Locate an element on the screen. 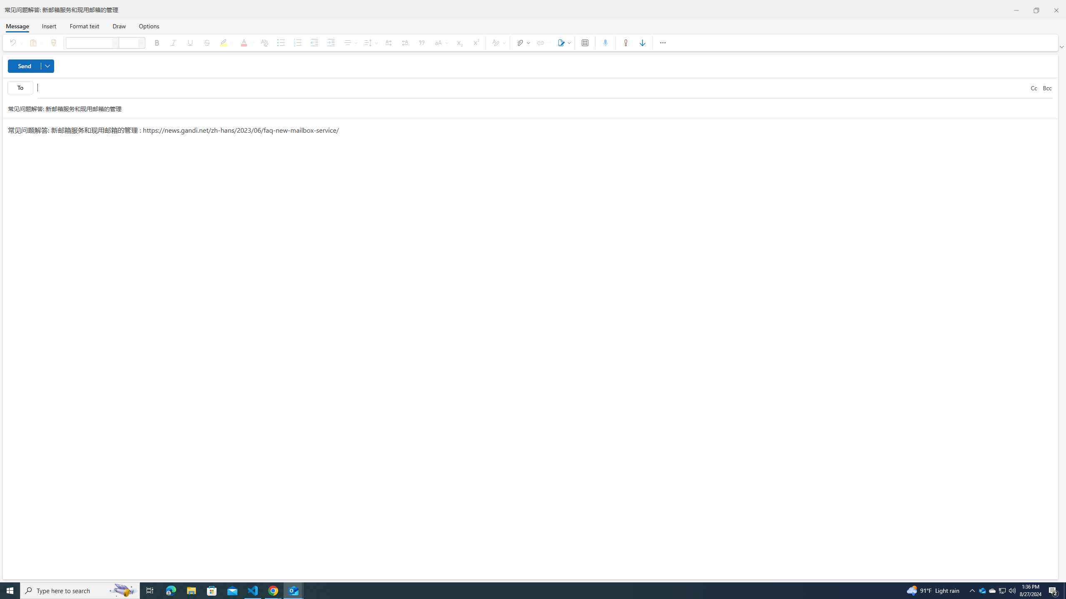  'Font' is located at coordinates (115, 42).